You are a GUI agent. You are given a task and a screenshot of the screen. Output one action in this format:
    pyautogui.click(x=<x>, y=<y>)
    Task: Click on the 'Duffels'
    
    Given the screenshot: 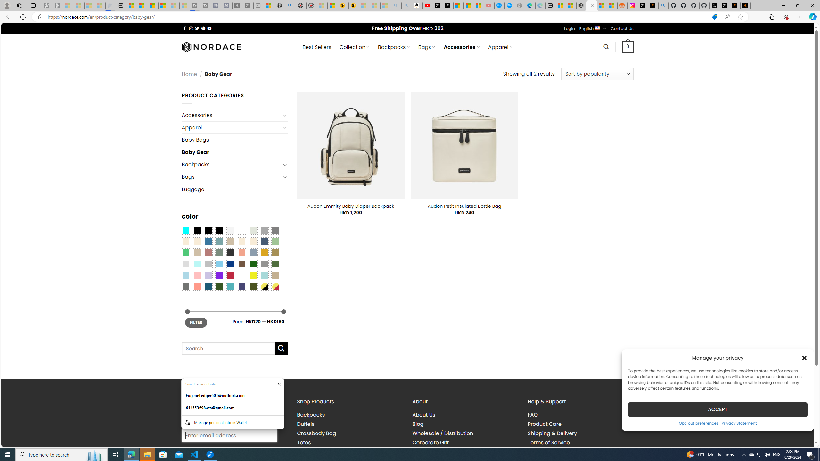 What is the action you would take?
    pyautogui.click(x=305, y=424)
    